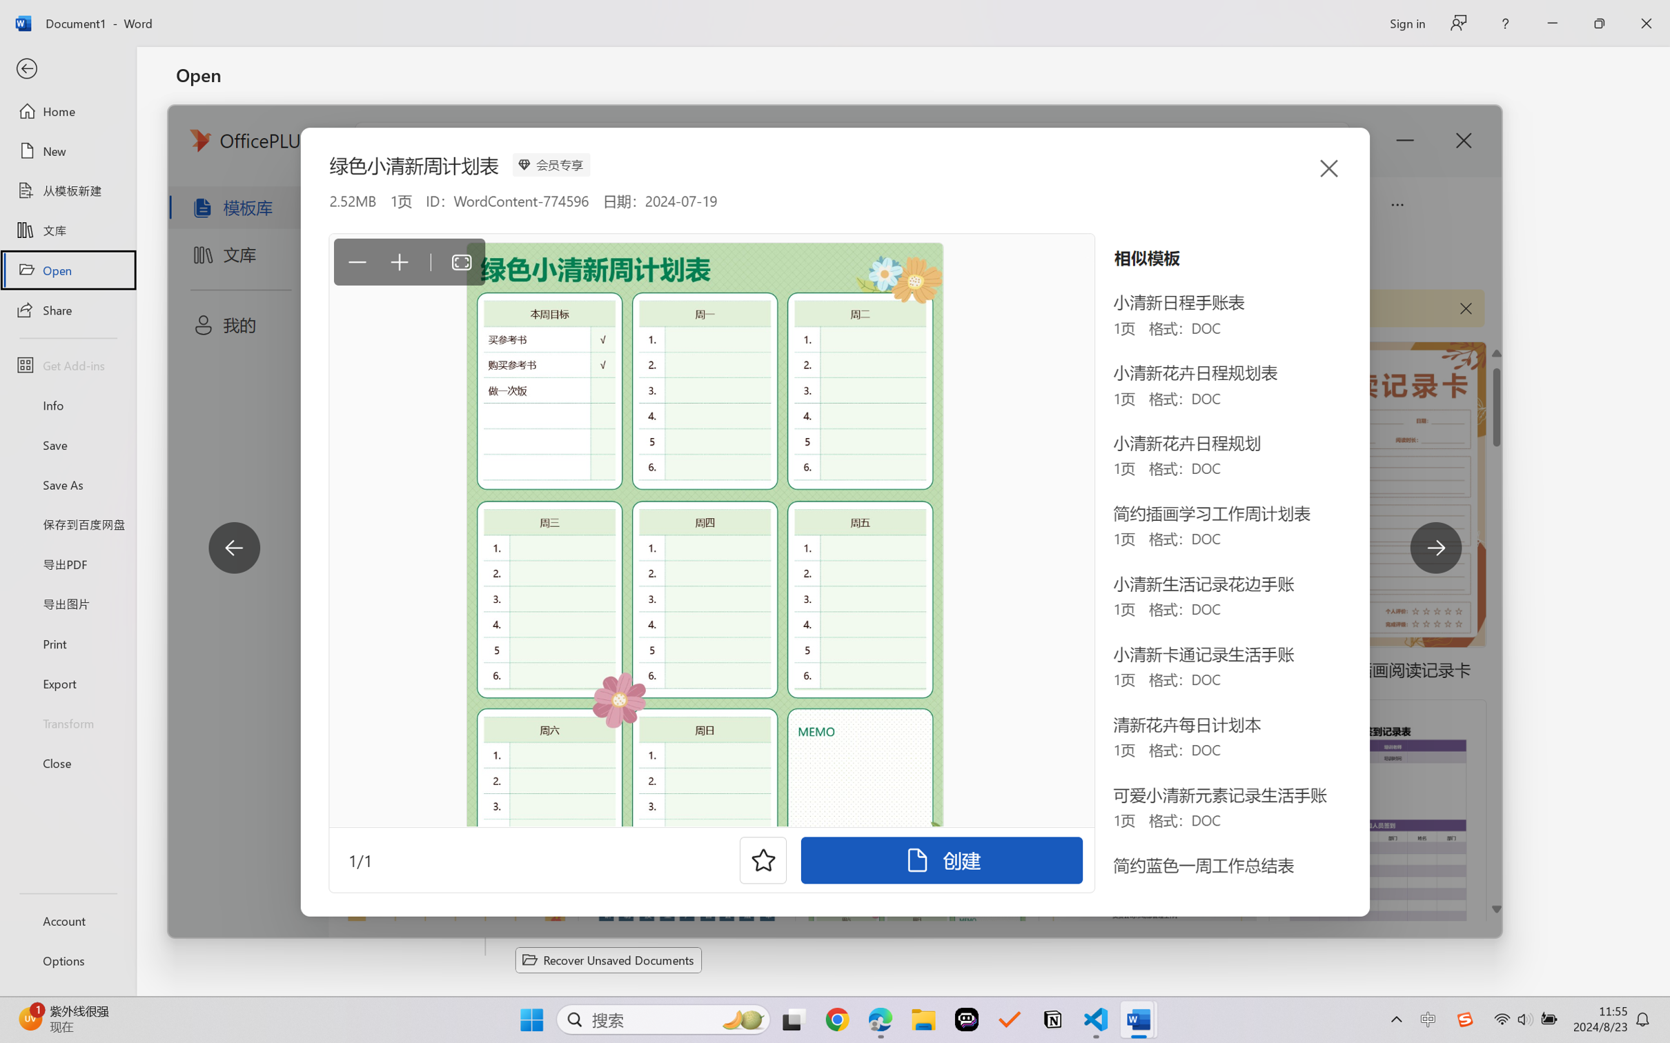 This screenshot has height=1043, width=1670. What do you see at coordinates (67, 404) in the screenshot?
I see `'Info'` at bounding box center [67, 404].